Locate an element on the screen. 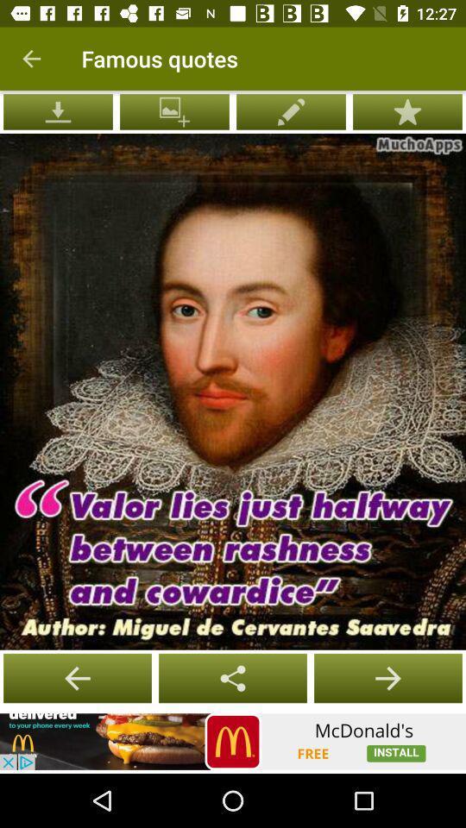 This screenshot has width=466, height=828. mcdonalds advertisement is located at coordinates (233, 741).